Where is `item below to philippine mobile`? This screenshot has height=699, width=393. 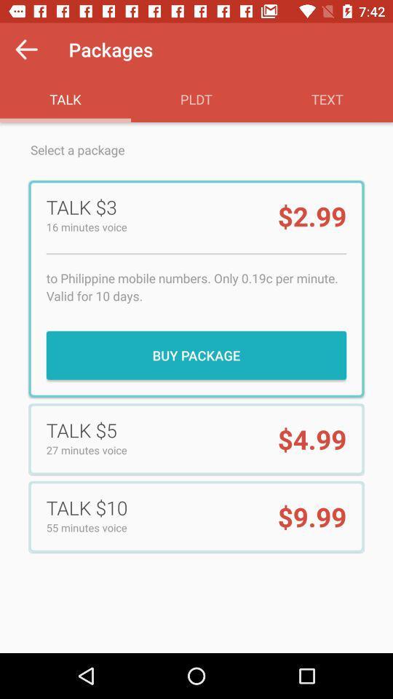 item below to philippine mobile is located at coordinates (196, 355).